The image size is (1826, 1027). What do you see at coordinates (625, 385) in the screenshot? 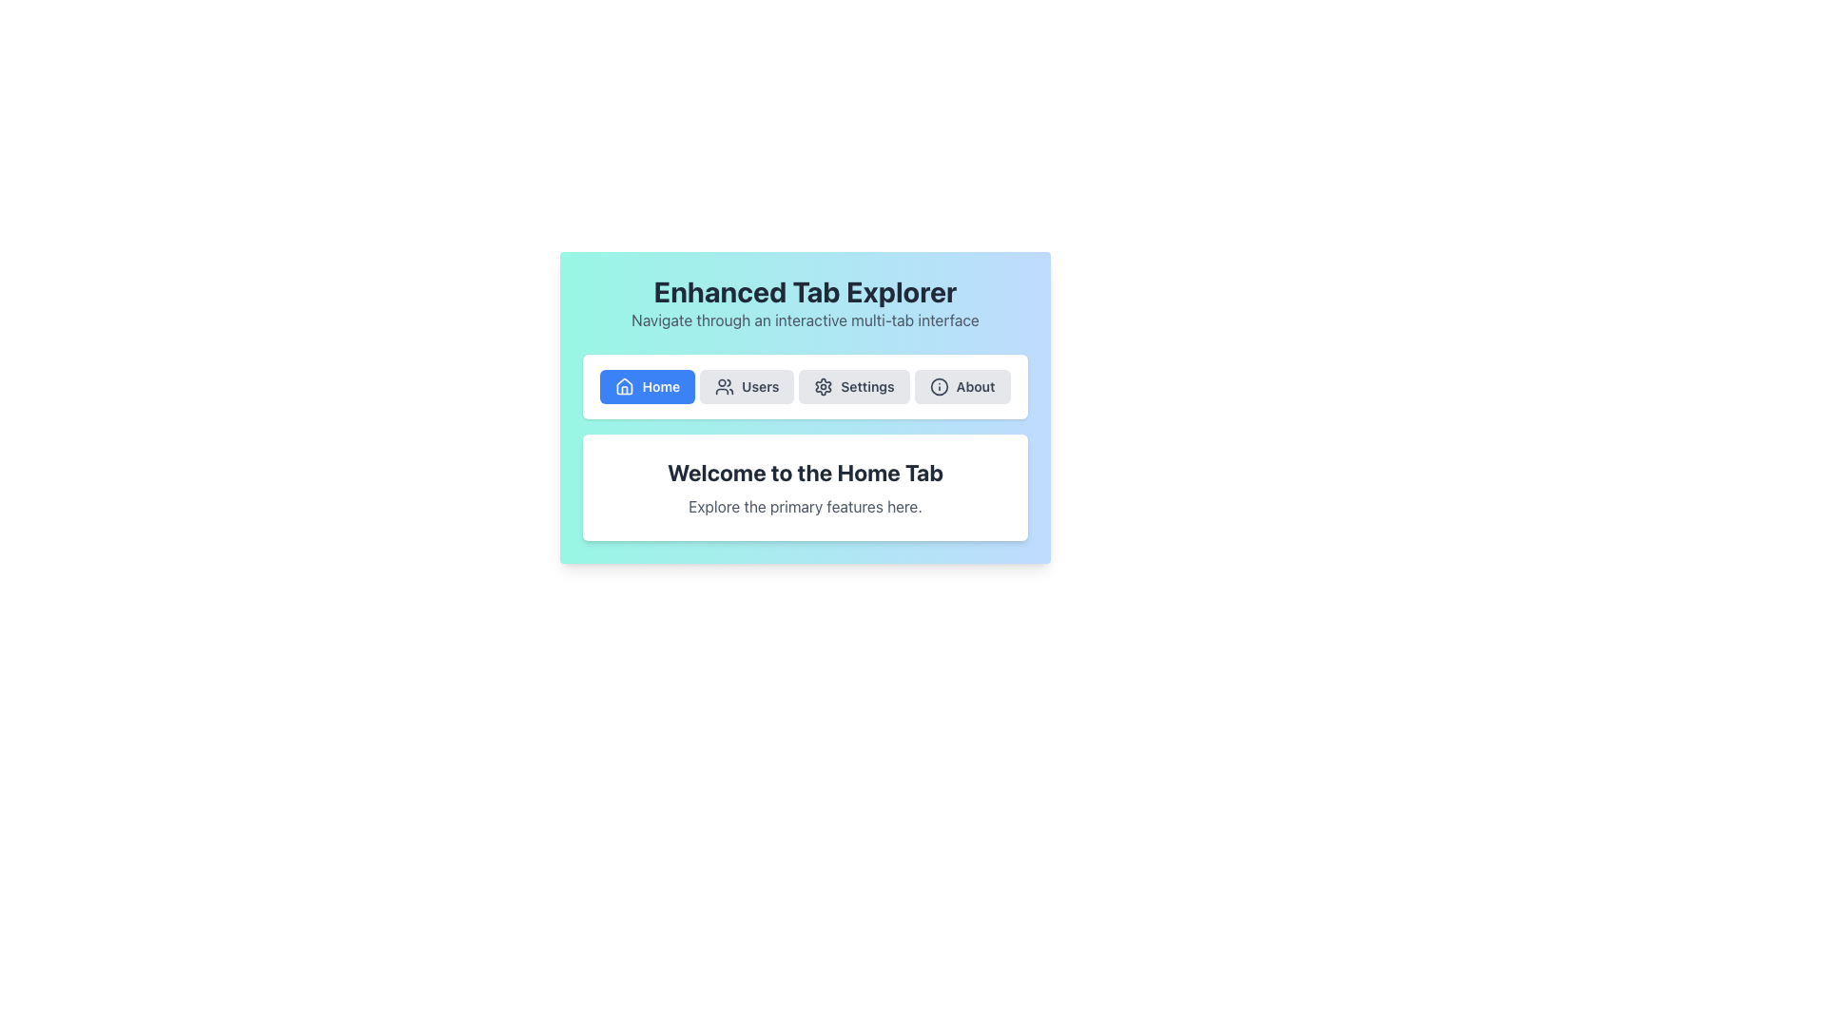
I see `the home icon, which is a white house icon located within the blue 'Home' button in the navigation bar at the top of the interface` at bounding box center [625, 385].